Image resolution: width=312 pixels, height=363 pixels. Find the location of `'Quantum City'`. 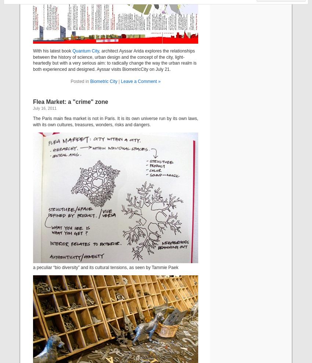

'Quantum City' is located at coordinates (85, 50).